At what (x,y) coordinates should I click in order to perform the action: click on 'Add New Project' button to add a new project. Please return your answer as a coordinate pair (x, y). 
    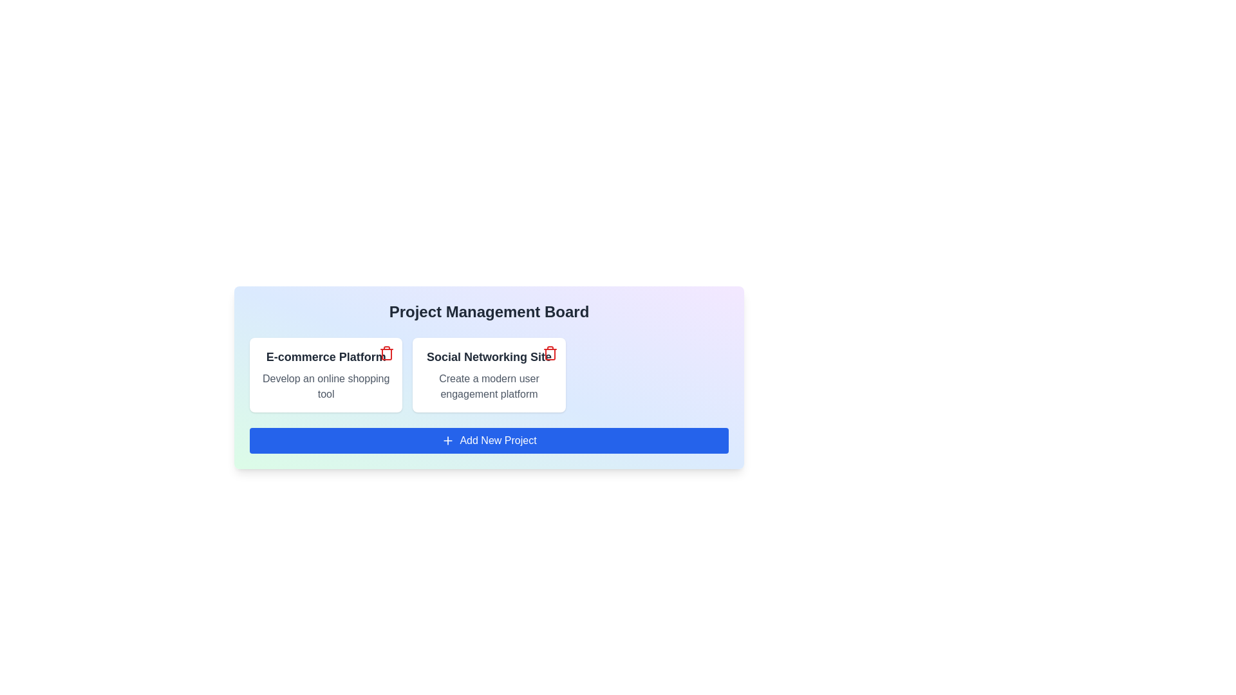
    Looking at the image, I should click on (488, 440).